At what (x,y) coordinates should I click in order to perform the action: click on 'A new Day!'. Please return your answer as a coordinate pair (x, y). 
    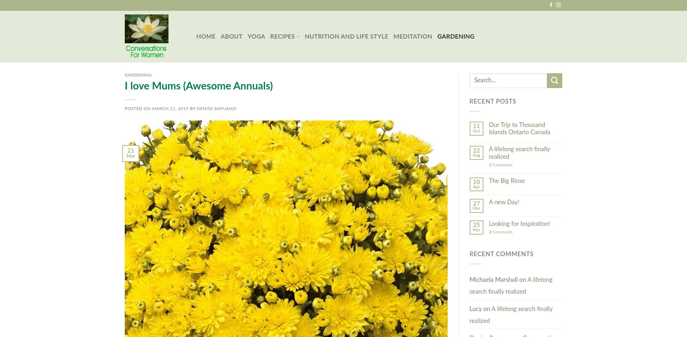
    Looking at the image, I should click on (504, 202).